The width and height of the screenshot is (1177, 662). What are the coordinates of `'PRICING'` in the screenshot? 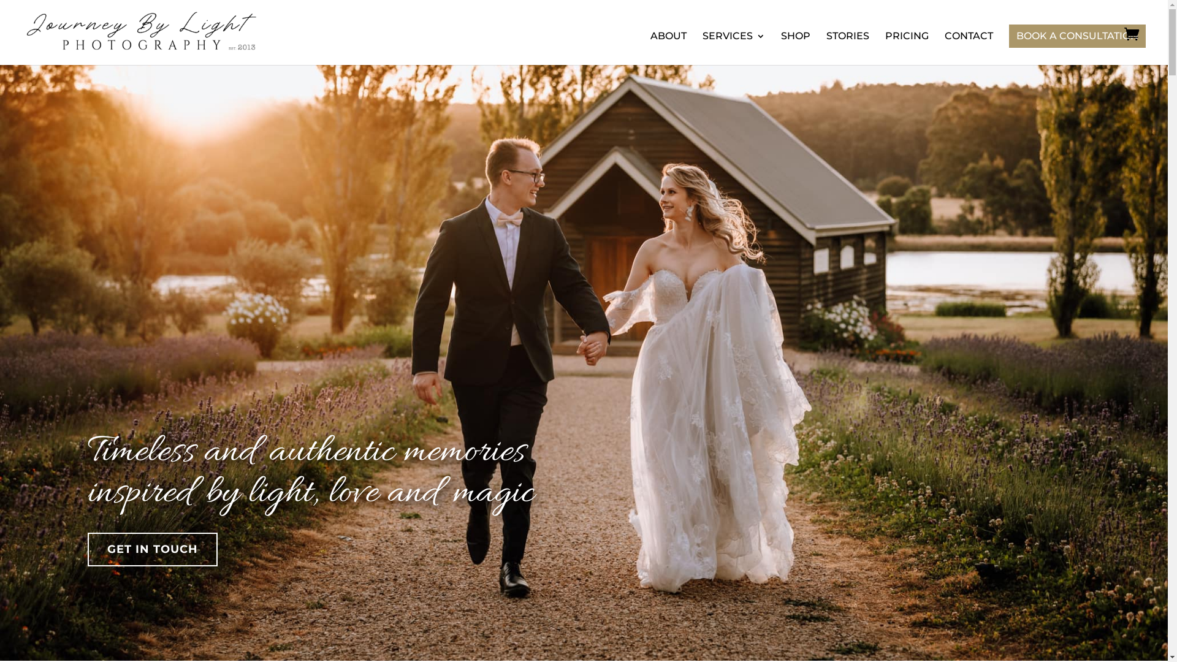 It's located at (907, 47).